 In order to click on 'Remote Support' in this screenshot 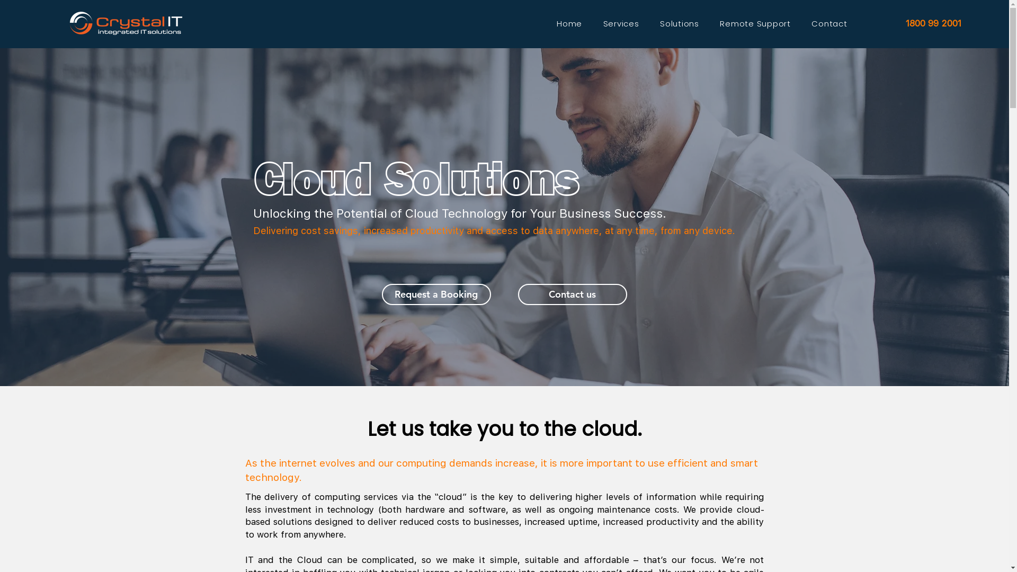, I will do `click(755, 23)`.